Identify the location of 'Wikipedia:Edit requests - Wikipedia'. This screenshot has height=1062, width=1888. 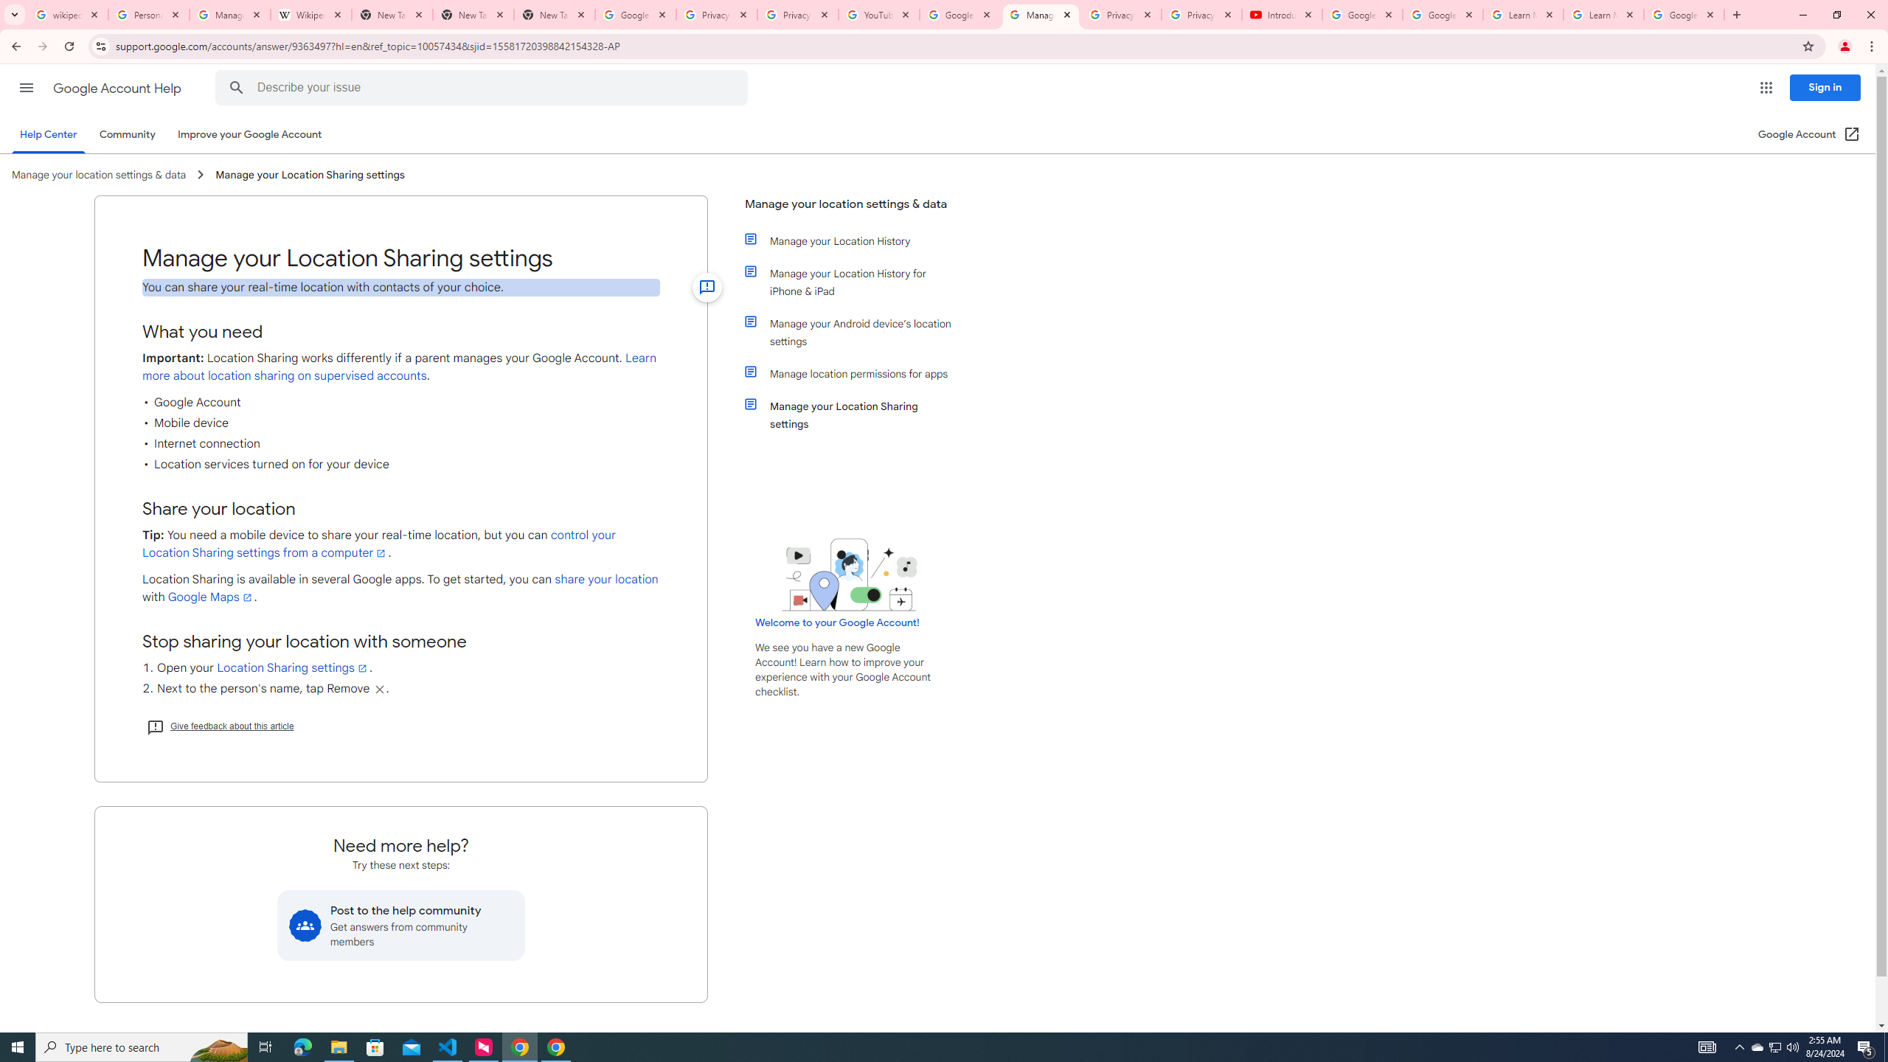
(310, 14).